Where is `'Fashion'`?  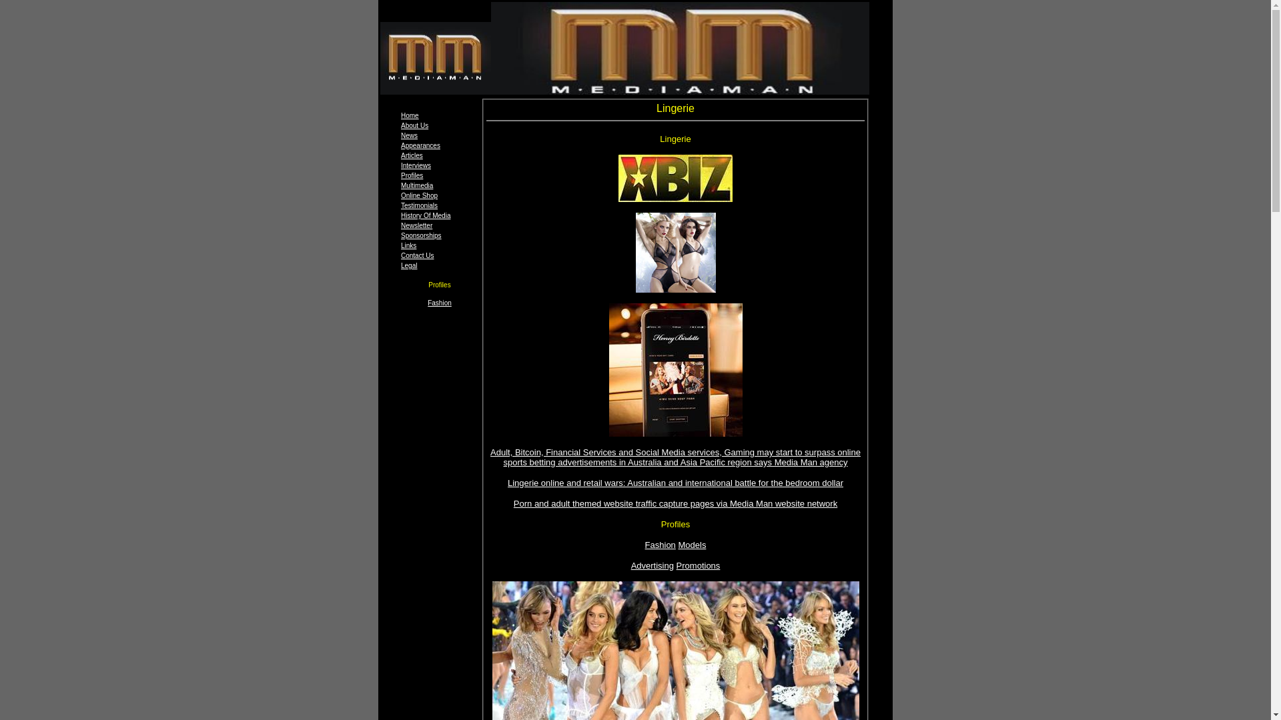
'Fashion' is located at coordinates (428, 303).